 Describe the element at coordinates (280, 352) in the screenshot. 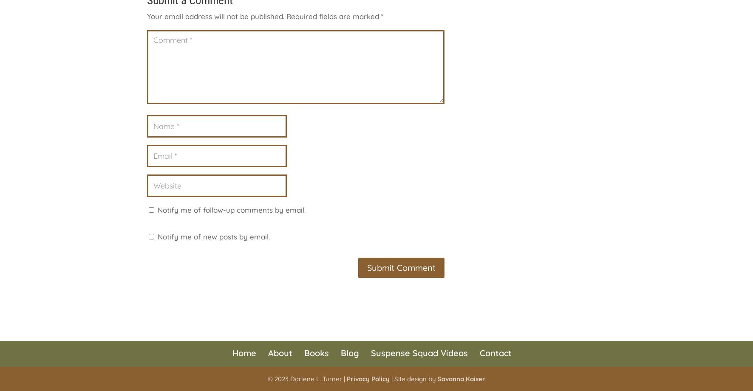

I see `'About'` at that location.